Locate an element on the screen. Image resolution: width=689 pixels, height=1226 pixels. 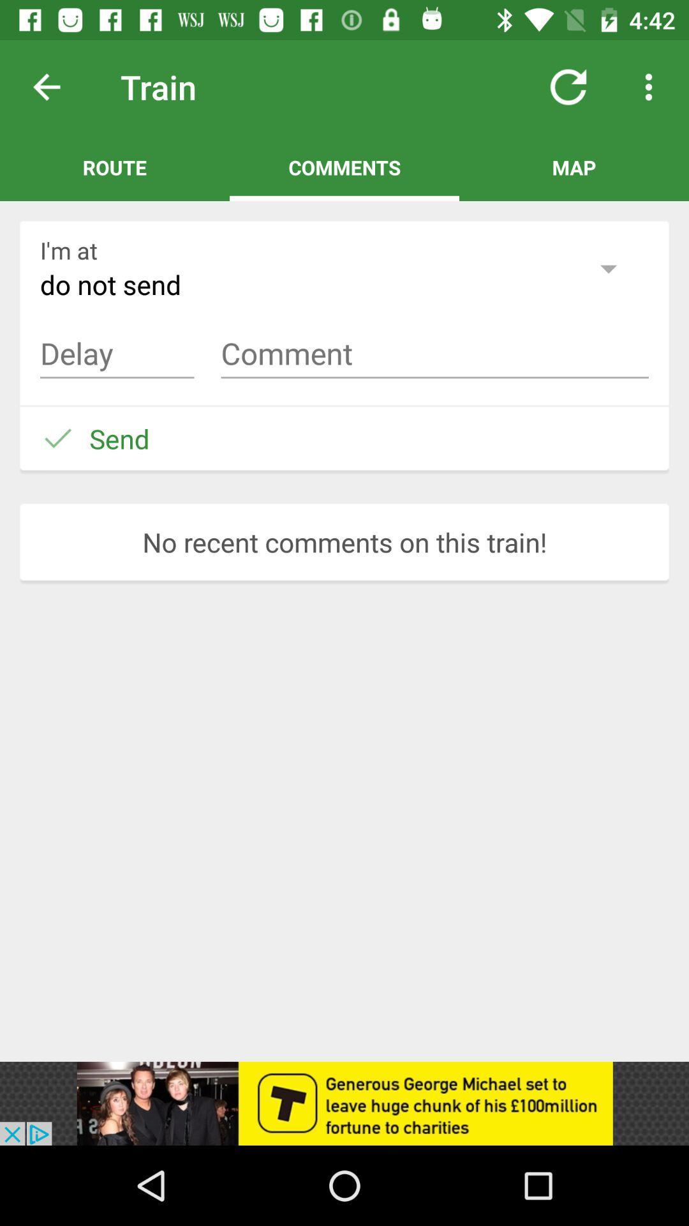
the comment right next to delay is located at coordinates (434, 354).